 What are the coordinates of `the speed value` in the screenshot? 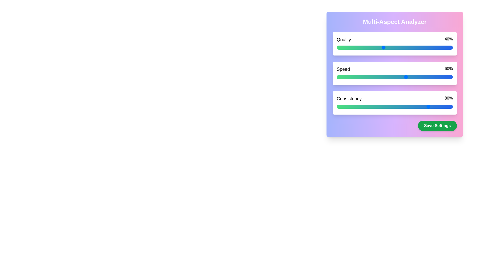 It's located at (389, 77).